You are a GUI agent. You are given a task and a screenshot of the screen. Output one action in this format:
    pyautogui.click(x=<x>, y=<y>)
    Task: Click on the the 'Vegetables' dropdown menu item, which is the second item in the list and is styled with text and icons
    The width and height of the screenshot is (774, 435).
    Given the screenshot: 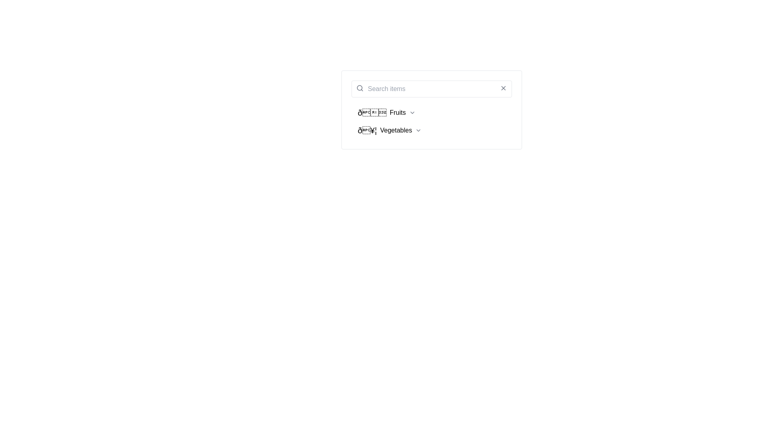 What is the action you would take?
    pyautogui.click(x=389, y=130)
    